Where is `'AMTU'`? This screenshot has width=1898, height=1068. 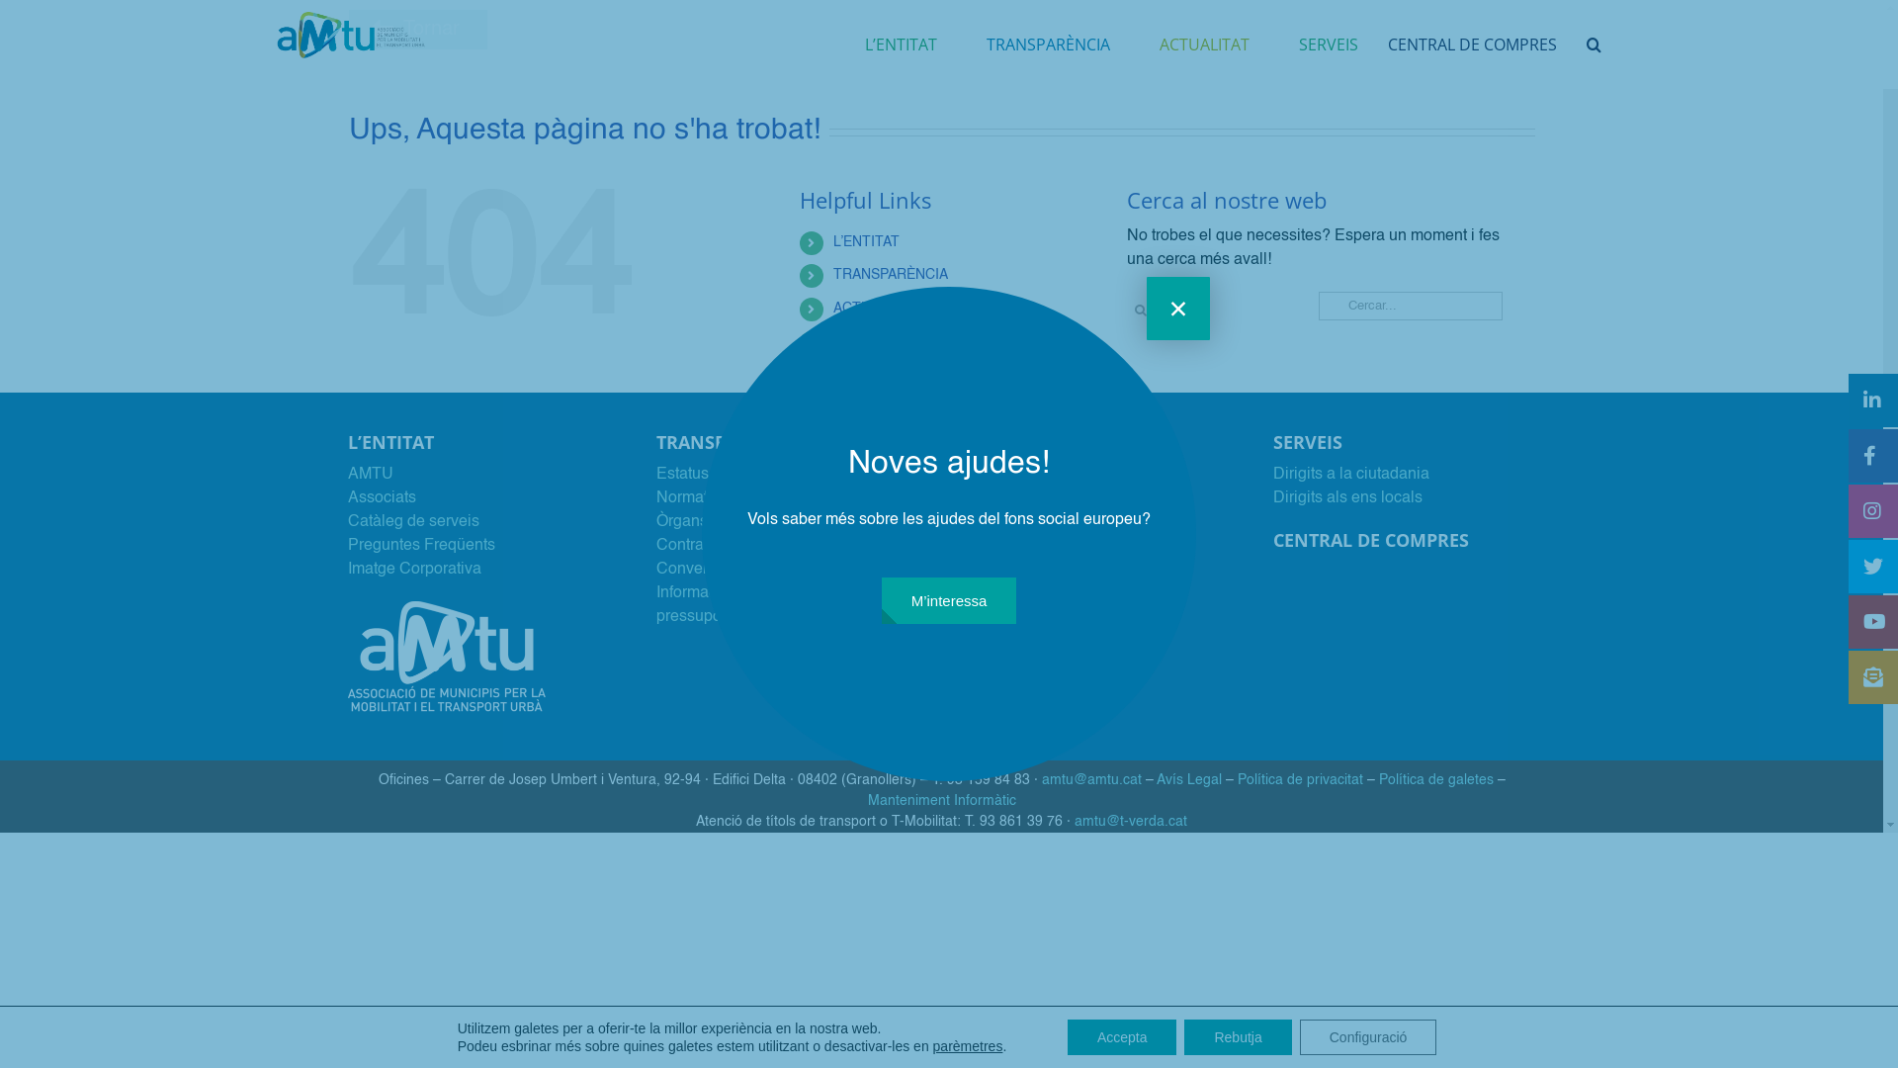 'AMTU' is located at coordinates (370, 474).